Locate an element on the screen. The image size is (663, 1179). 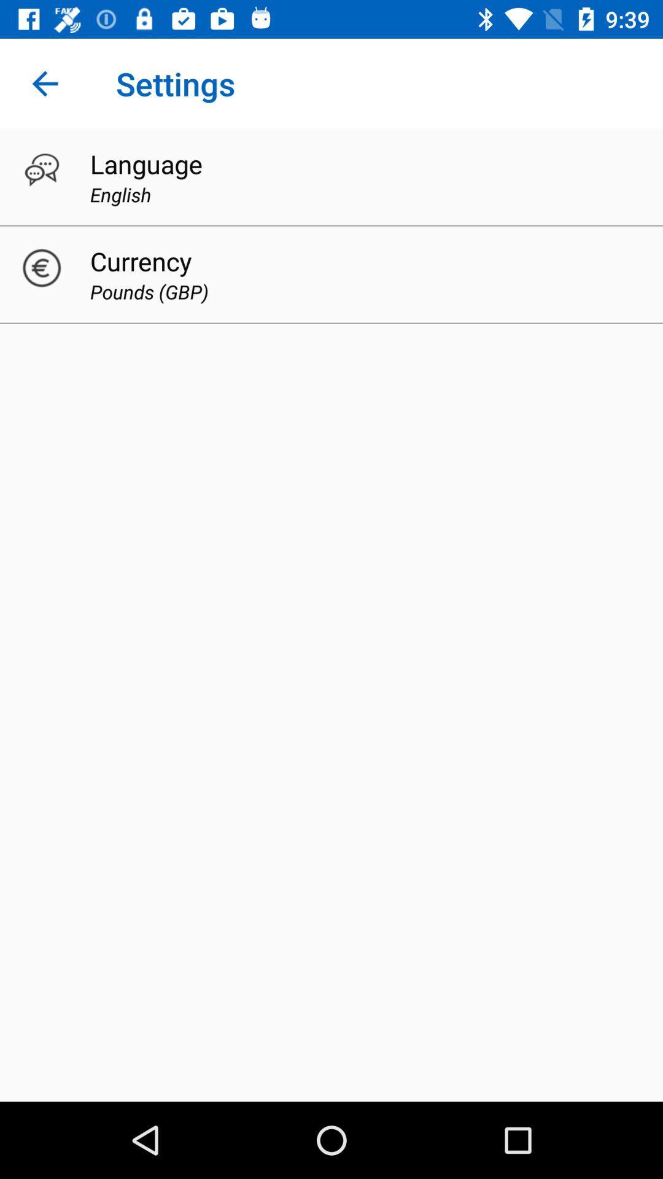
pounds (gbp) is located at coordinates (149, 291).